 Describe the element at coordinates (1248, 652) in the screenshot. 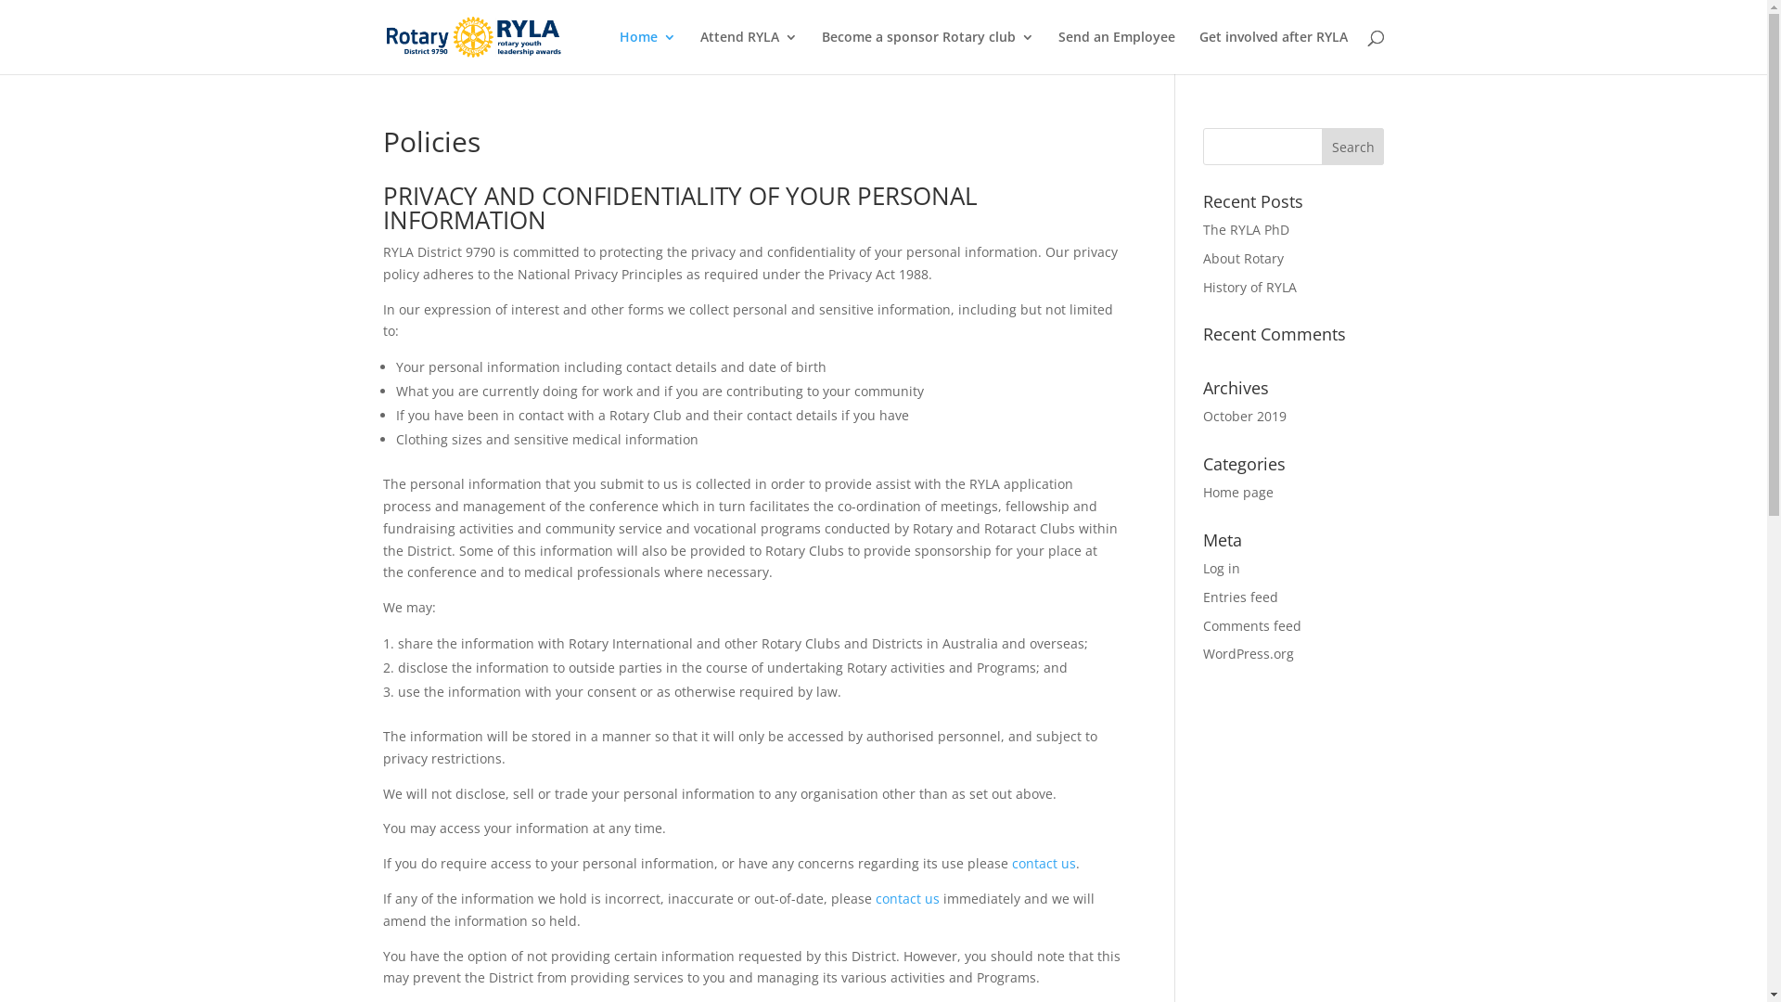

I see `'WordPress.org'` at that location.